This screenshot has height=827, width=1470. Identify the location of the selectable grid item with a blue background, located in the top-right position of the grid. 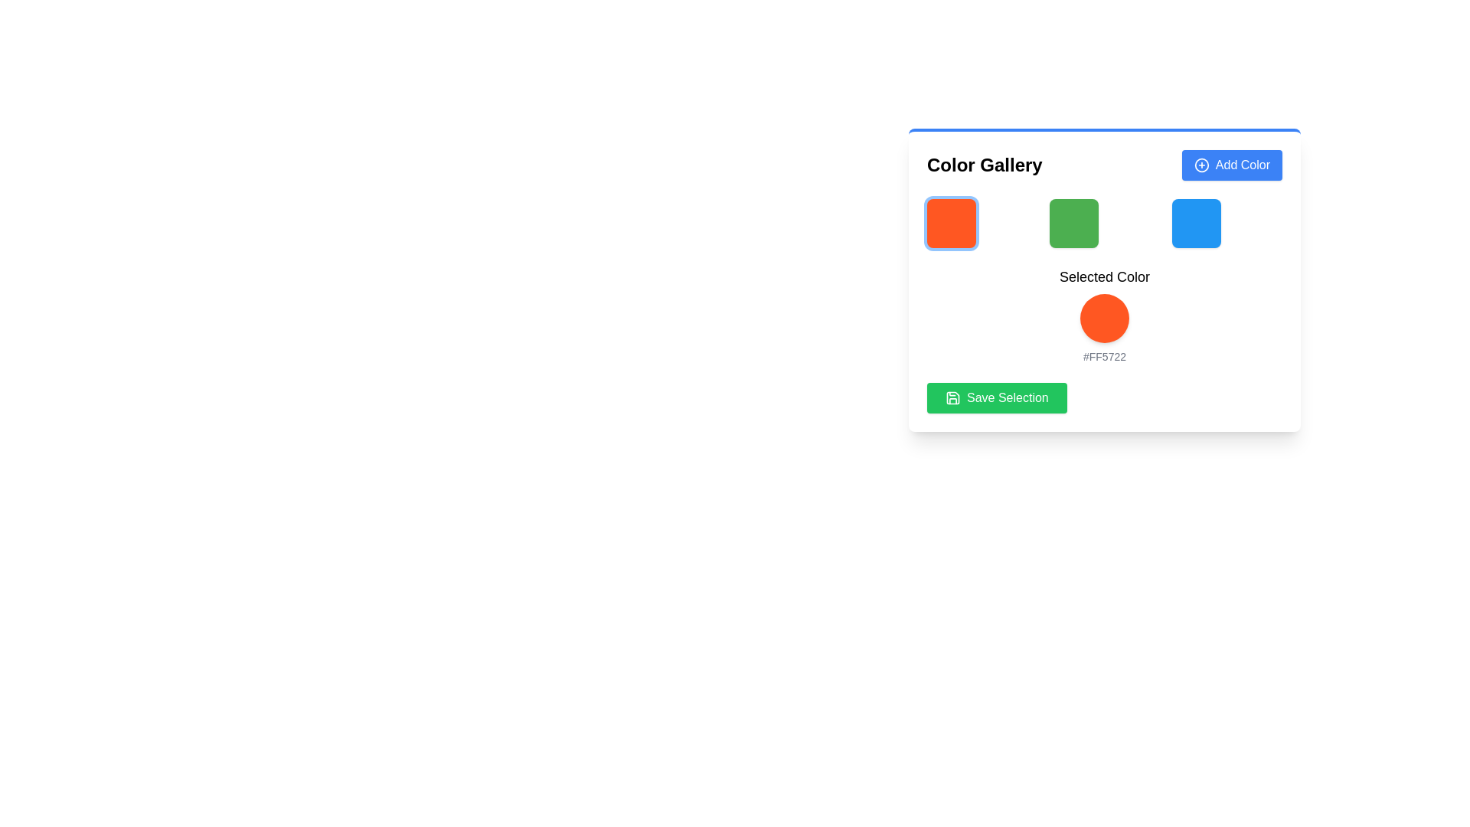
(1196, 224).